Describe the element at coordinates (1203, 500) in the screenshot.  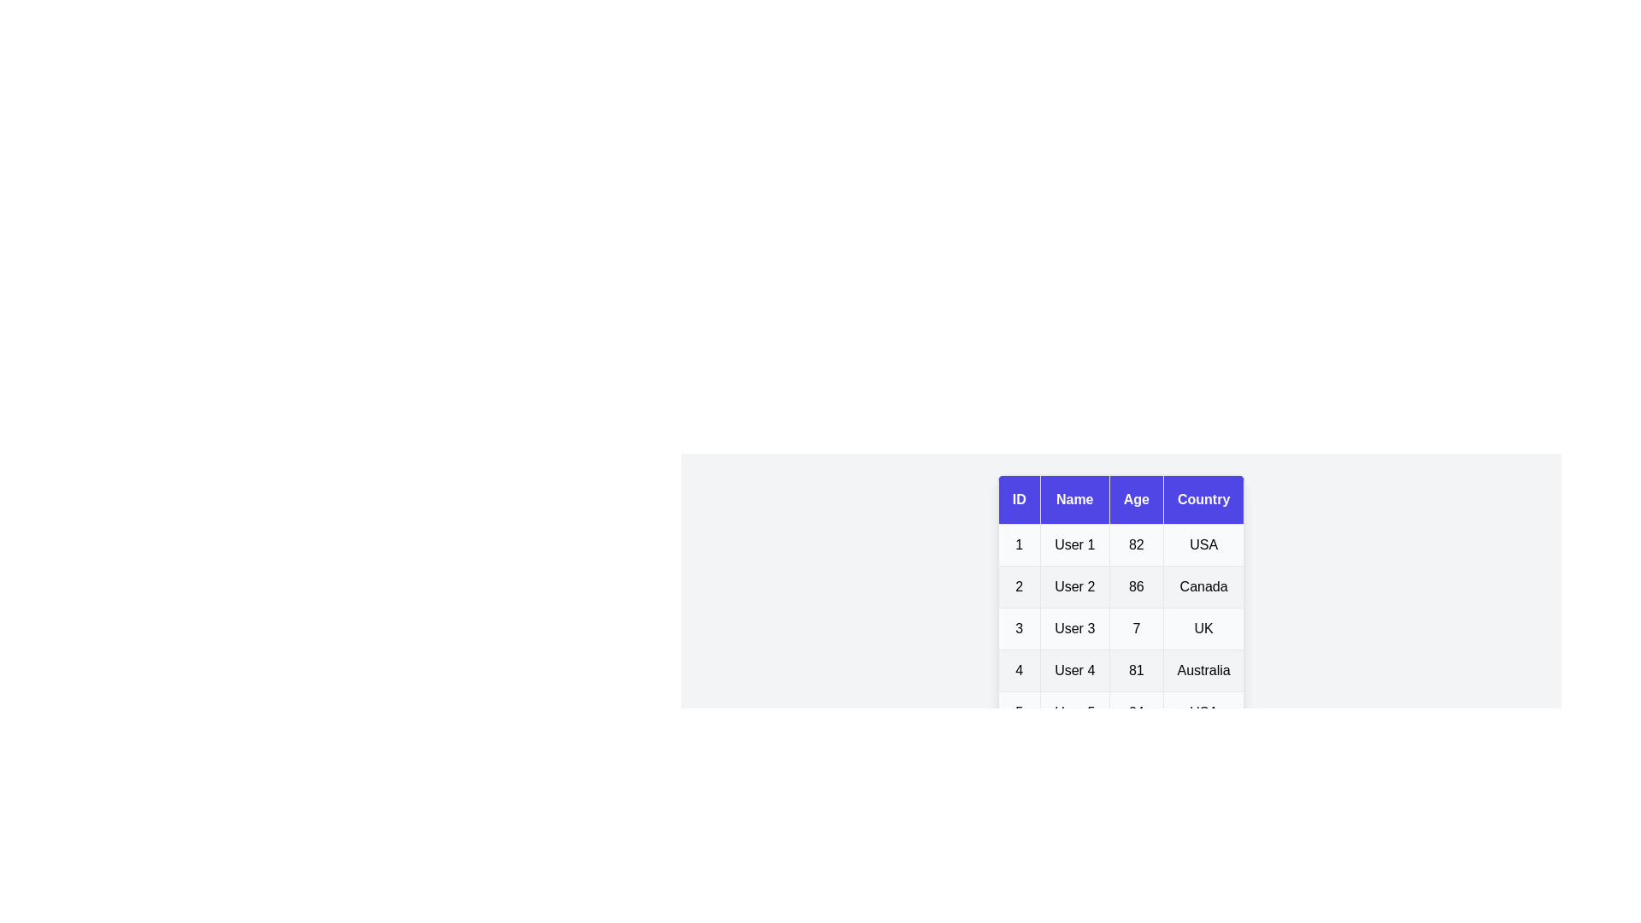
I see `the Country header to sort the table` at that location.